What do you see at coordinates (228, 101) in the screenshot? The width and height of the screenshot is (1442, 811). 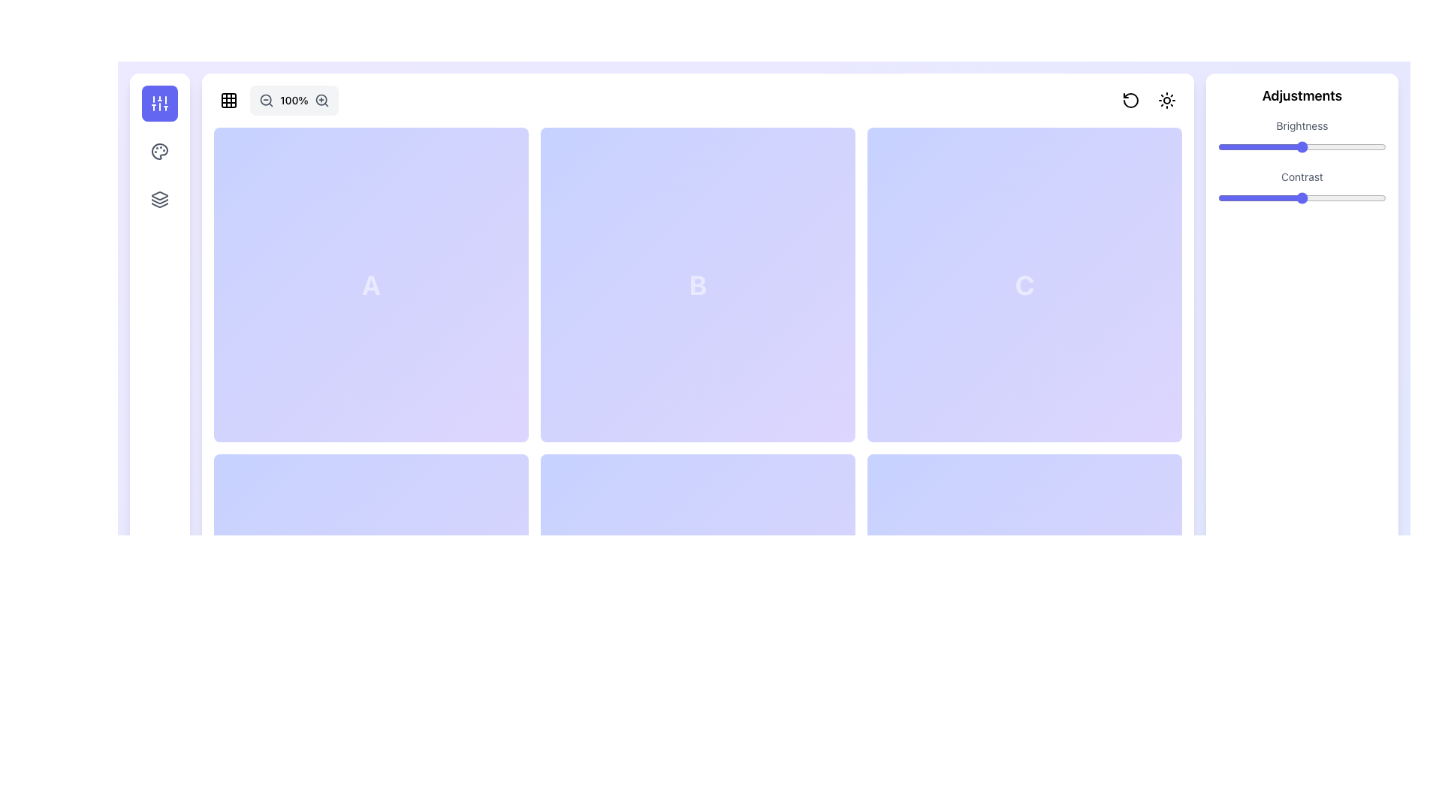 I see `the grid view toggle button located in the top bar` at bounding box center [228, 101].